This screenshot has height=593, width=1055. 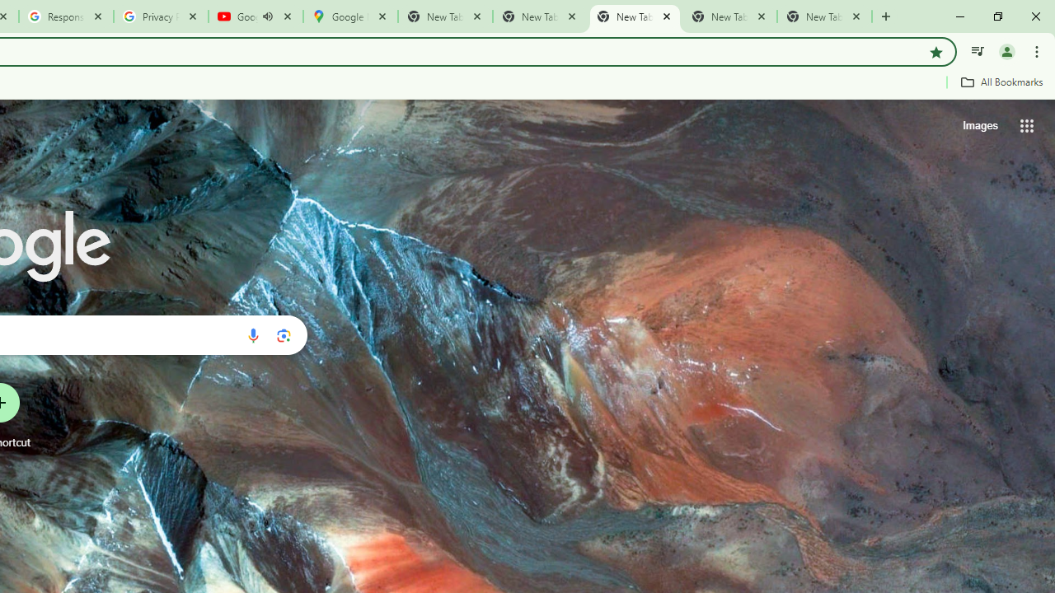 What do you see at coordinates (980, 125) in the screenshot?
I see `'Search for Images '` at bounding box center [980, 125].